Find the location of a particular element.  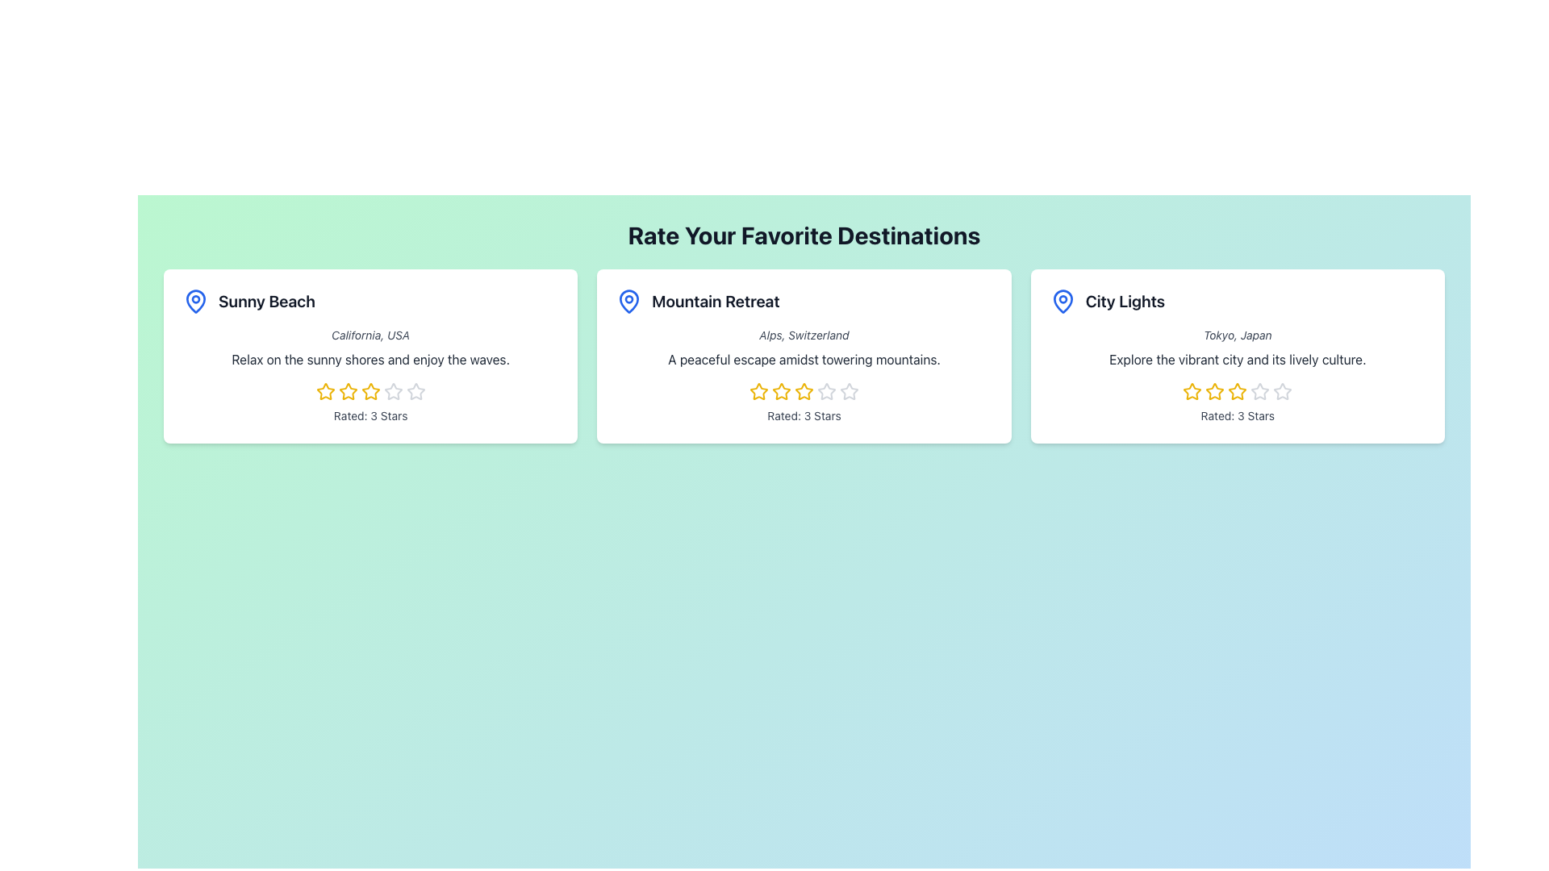

the third star icon is located at coordinates (826, 391).